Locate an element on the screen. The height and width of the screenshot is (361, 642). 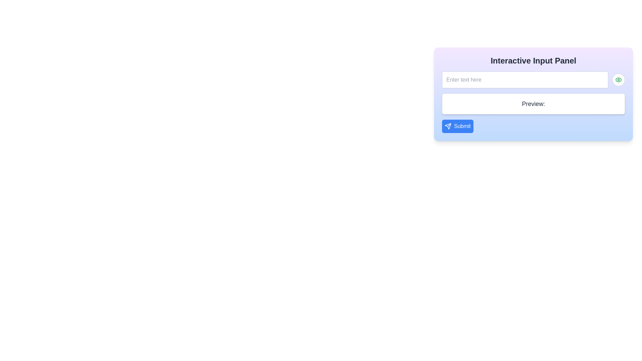
the eye-shaped SVG icon located at the top-right corner of the 'Interactive Input Panel', which is styled with a green hue and contained within a rounded button is located at coordinates (618, 80).